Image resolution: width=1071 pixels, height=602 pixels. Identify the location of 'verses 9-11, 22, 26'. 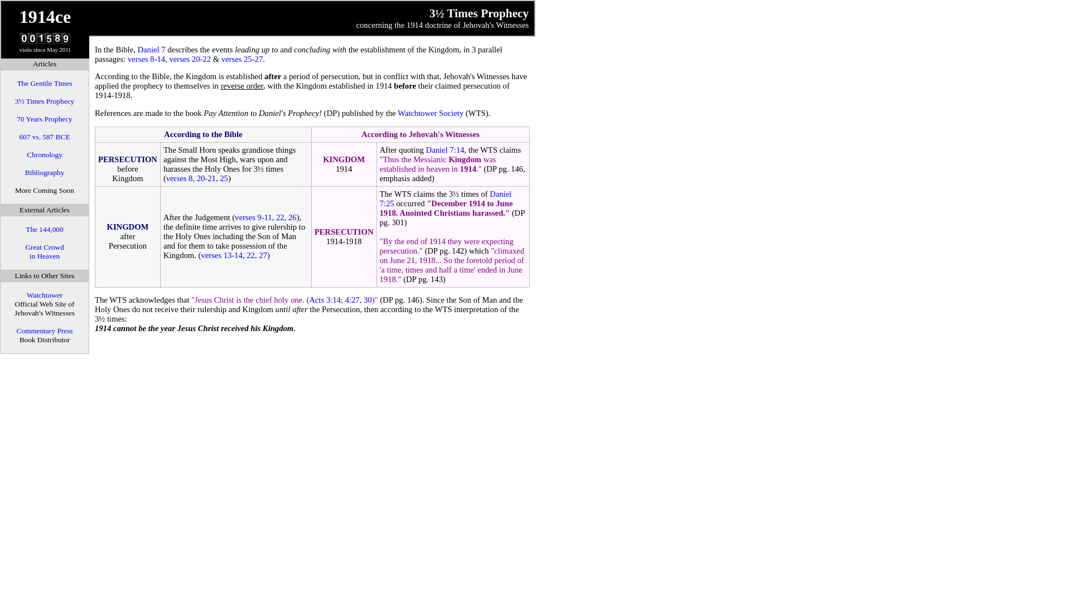
(265, 217).